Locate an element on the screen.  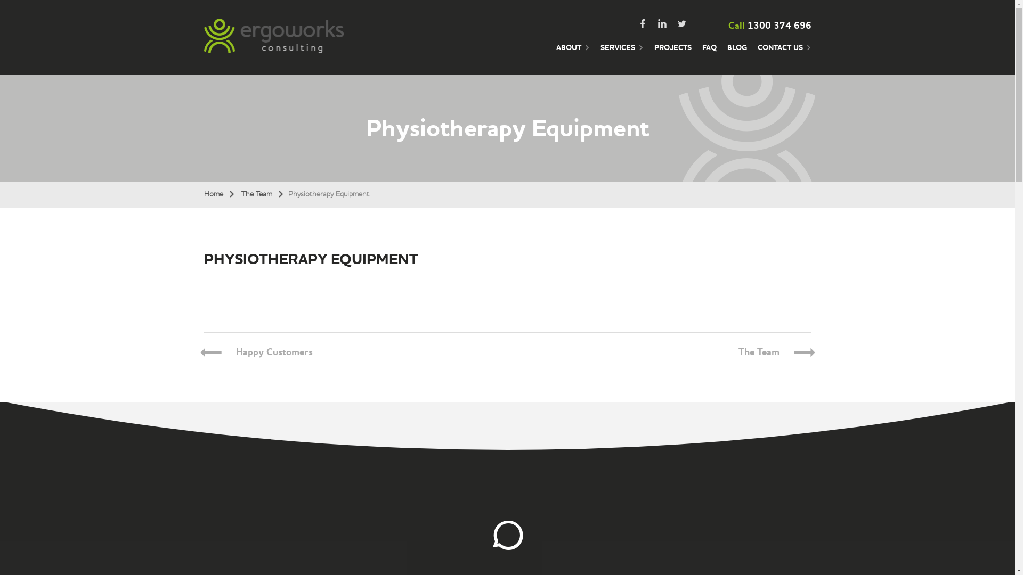
'CONTACT US' is located at coordinates (784, 53).